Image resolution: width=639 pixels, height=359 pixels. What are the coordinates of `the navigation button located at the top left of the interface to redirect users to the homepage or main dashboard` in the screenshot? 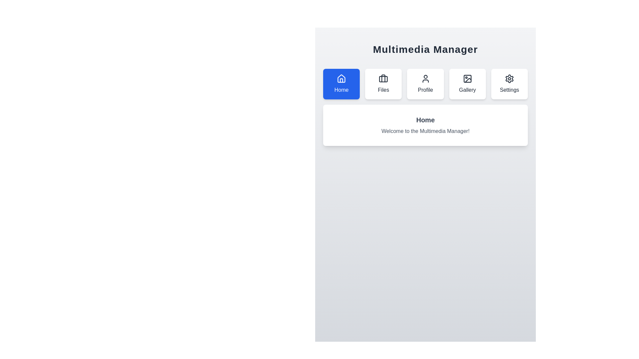 It's located at (341, 84).